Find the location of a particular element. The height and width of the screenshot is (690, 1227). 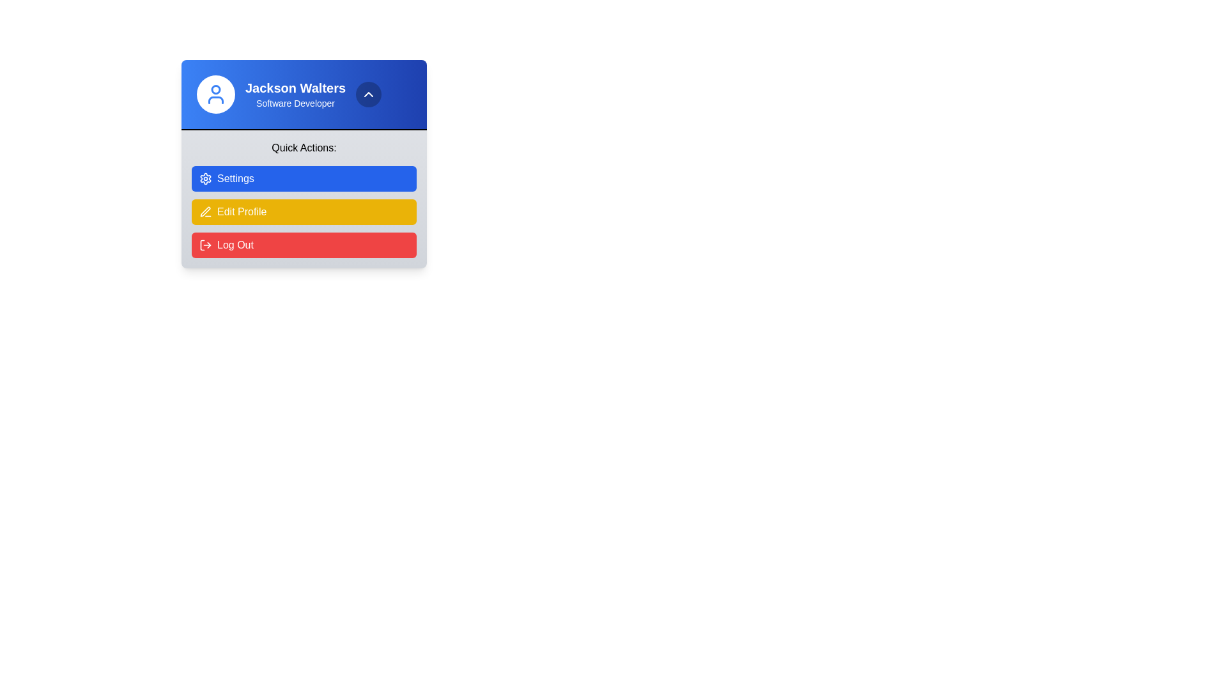

the user's profile picture icon, which is centrally located in the user profile section with a circular white background is located at coordinates (215, 93).